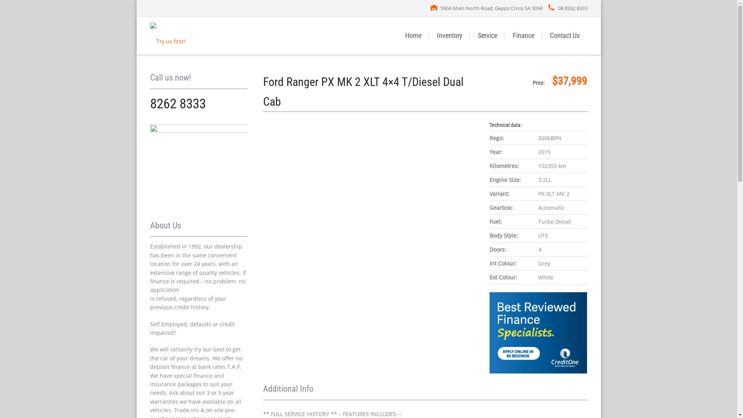 Image resolution: width=743 pixels, height=418 pixels. I want to click on 'CreditOne', so click(538, 332).